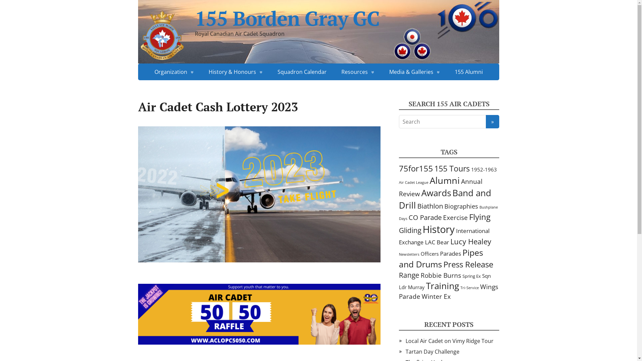 Image resolution: width=642 pixels, height=361 pixels. What do you see at coordinates (470, 169) in the screenshot?
I see `'1952-1963'` at bounding box center [470, 169].